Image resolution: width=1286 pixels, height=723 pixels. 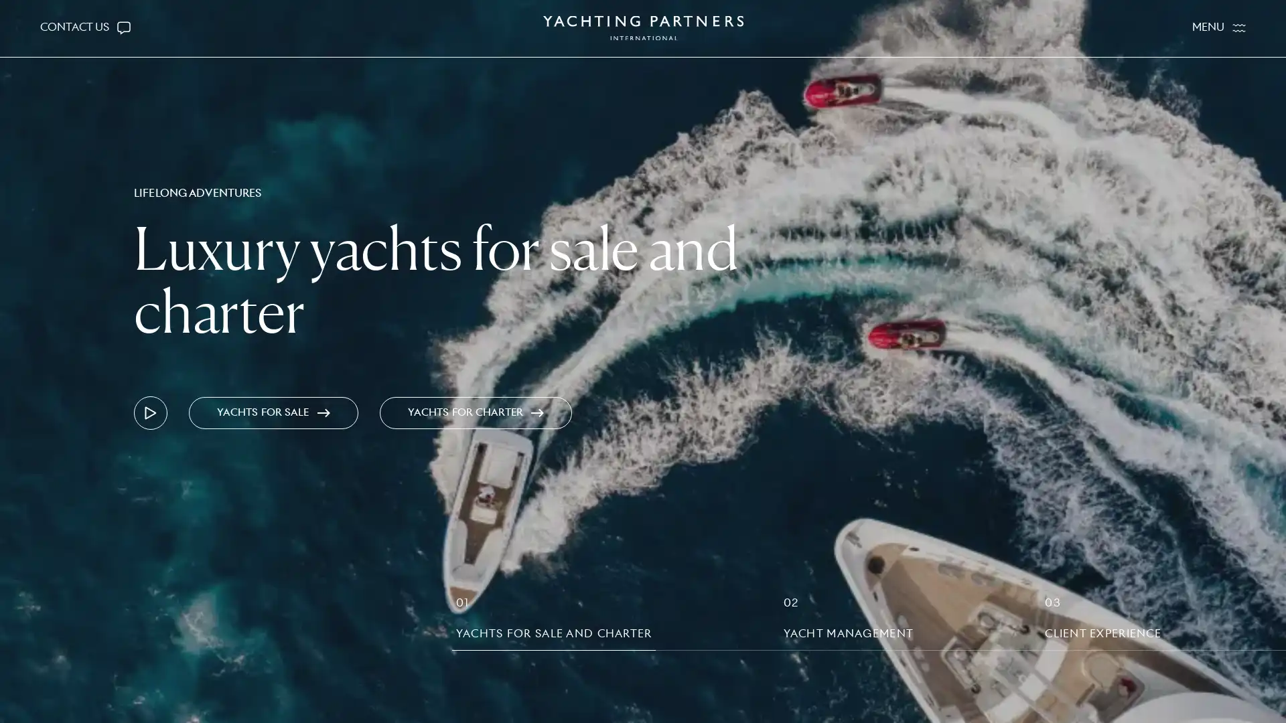 What do you see at coordinates (553, 622) in the screenshot?
I see `01 YACHTS FOR SALE AND CHARTER` at bounding box center [553, 622].